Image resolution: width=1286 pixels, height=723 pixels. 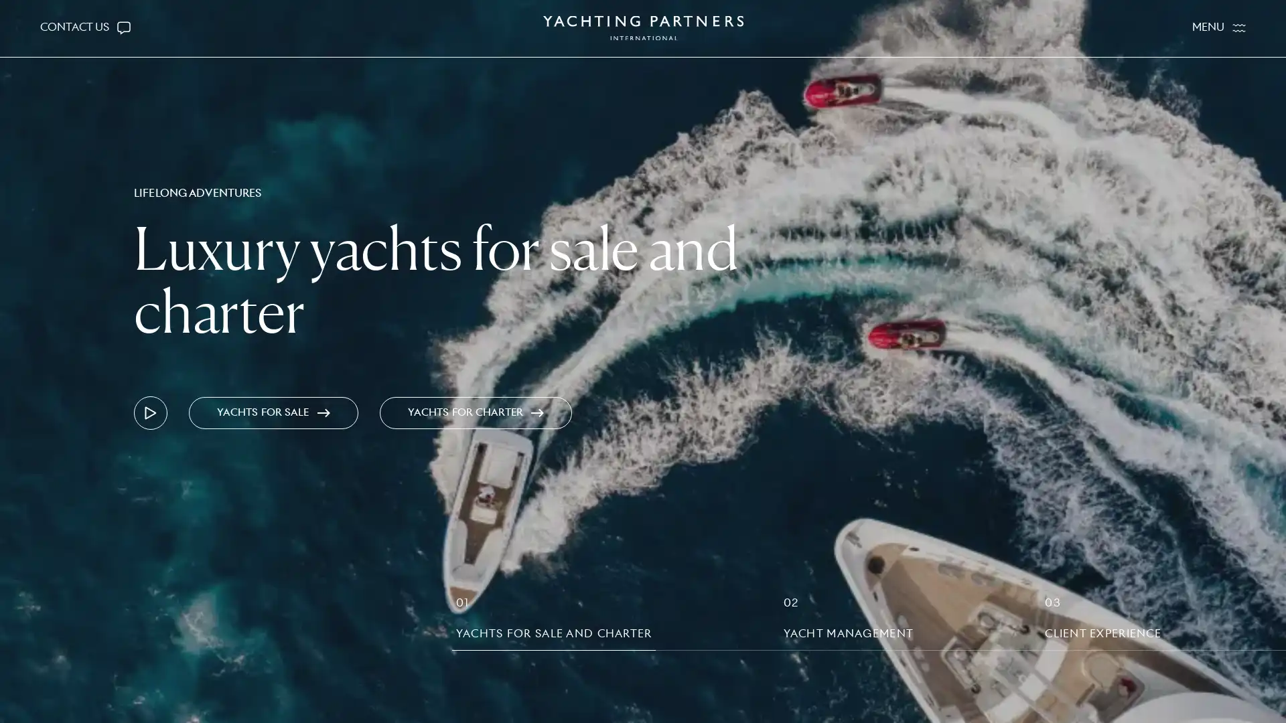 What do you see at coordinates (553, 622) in the screenshot?
I see `01 YACHTS FOR SALE AND CHARTER` at bounding box center [553, 622].